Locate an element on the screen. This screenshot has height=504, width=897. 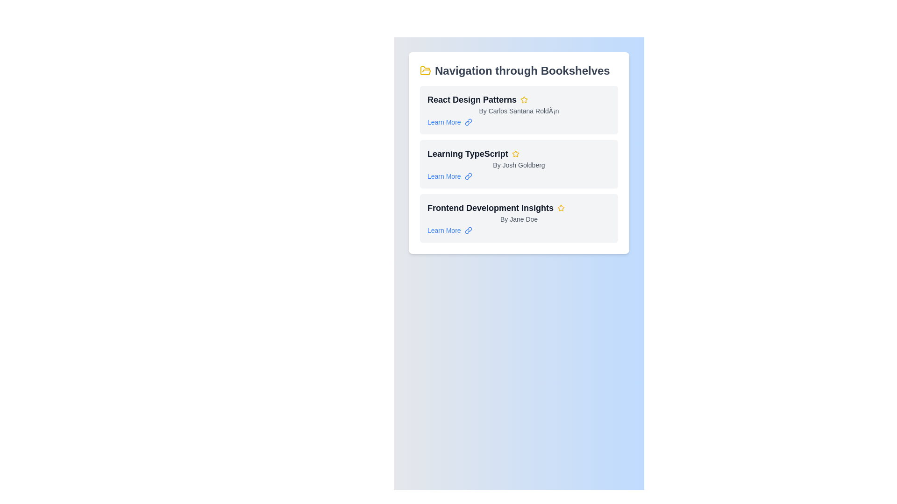
the text block providing additional information about the author or contributor associated with 'React Design Patterns' is located at coordinates (518, 111).